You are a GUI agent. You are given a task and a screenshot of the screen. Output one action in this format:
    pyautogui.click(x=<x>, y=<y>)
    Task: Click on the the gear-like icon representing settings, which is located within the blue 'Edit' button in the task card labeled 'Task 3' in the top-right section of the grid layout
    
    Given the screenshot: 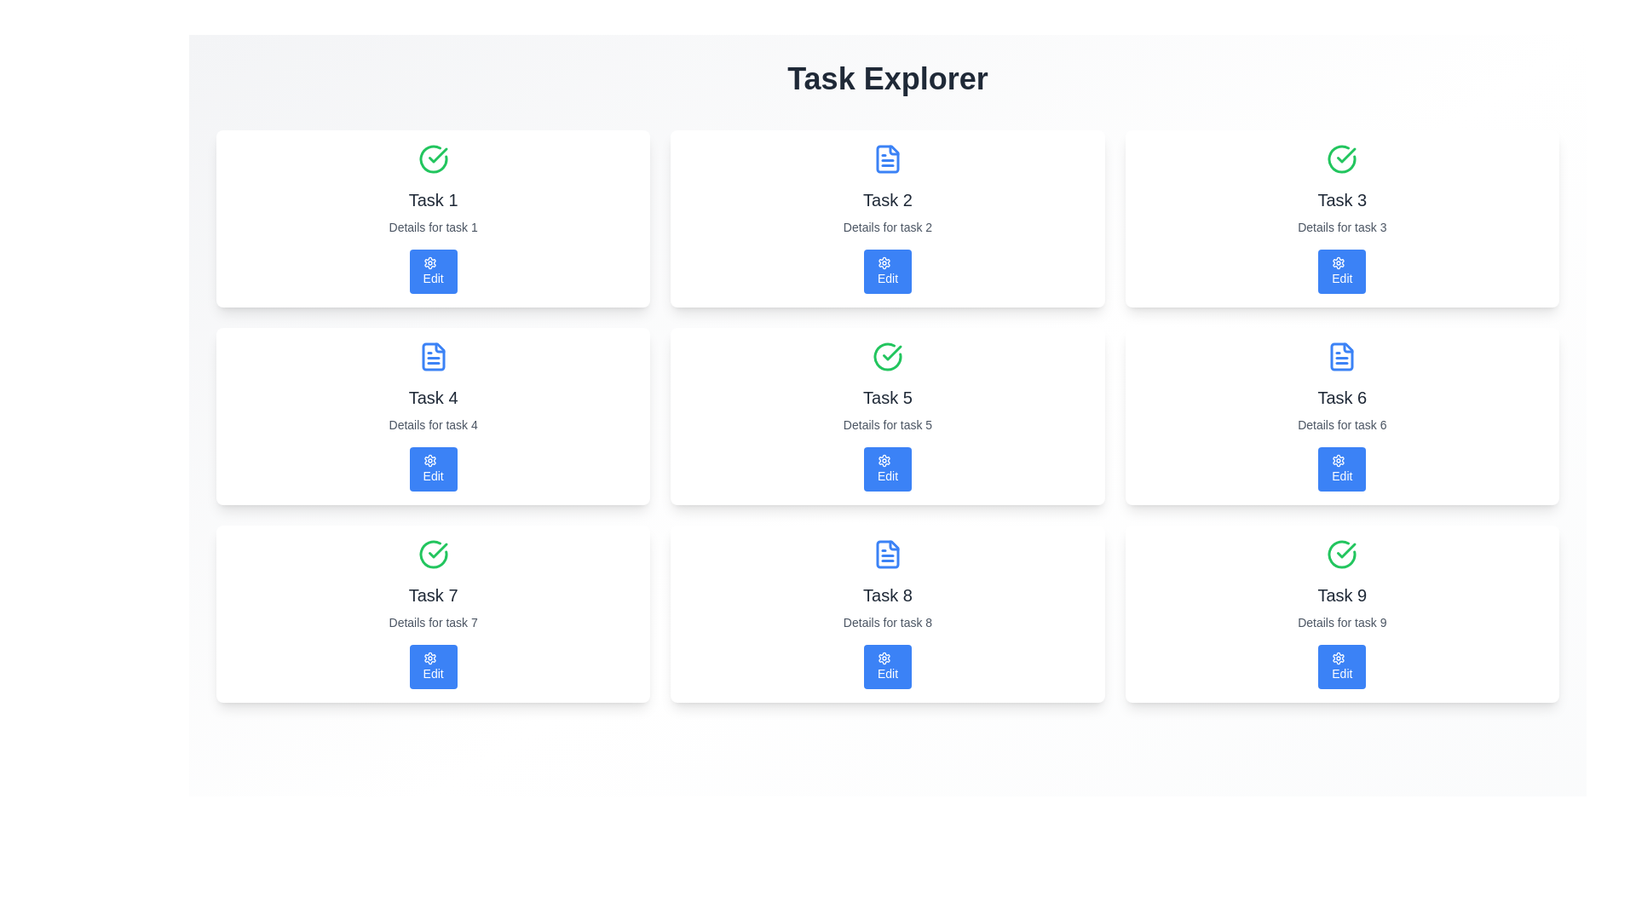 What is the action you would take?
    pyautogui.click(x=1338, y=262)
    